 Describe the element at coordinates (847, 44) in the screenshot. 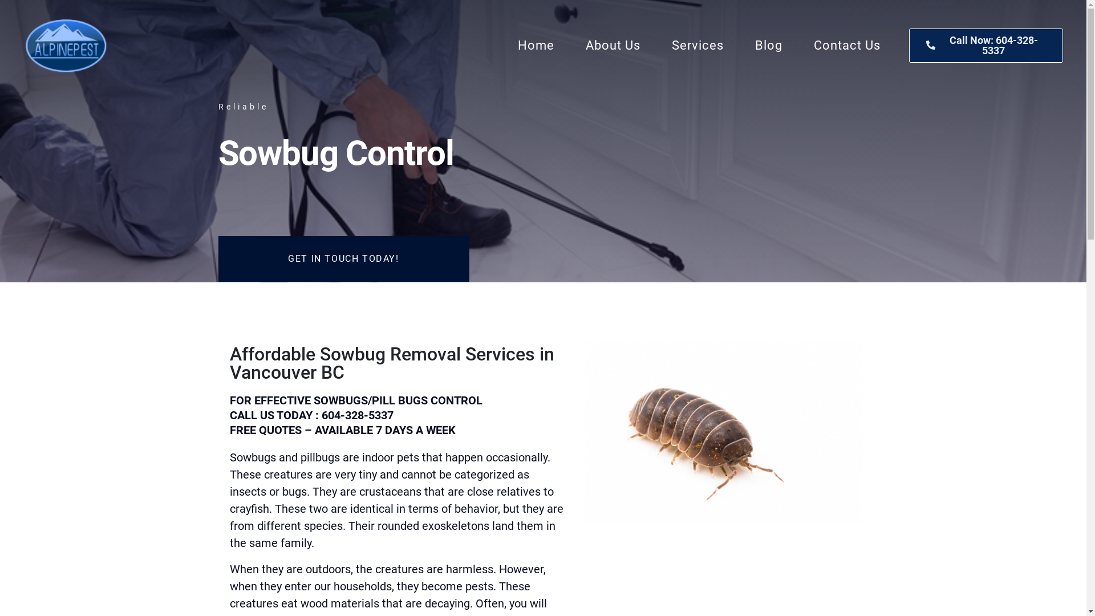

I see `'Contact Us'` at that location.